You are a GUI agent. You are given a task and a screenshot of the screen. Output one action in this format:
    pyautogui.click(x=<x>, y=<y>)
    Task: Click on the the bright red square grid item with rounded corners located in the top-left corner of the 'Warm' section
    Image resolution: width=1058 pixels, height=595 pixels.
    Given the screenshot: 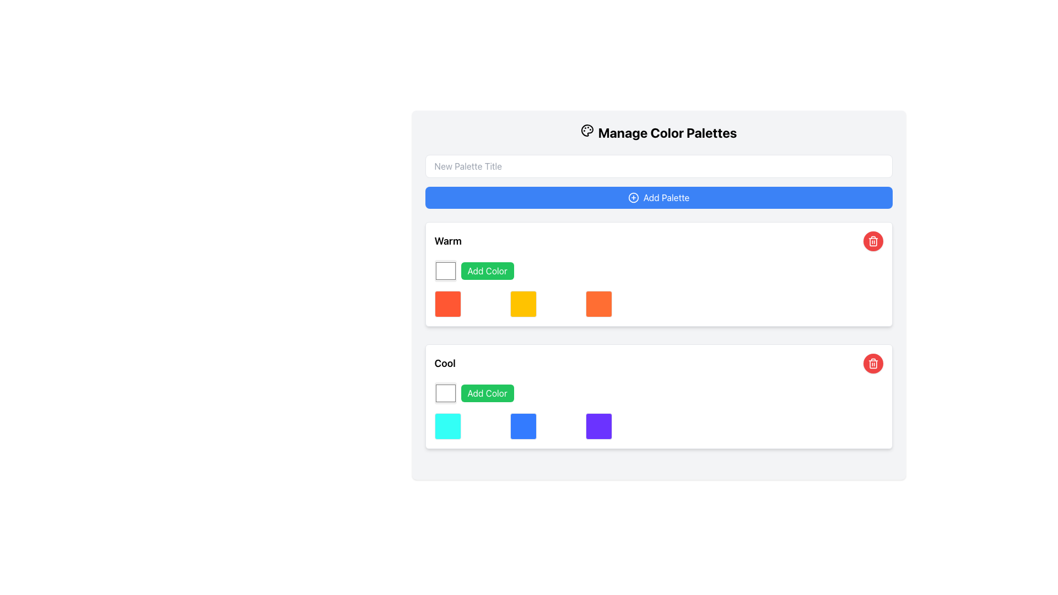 What is the action you would take?
    pyautogui.click(x=447, y=304)
    